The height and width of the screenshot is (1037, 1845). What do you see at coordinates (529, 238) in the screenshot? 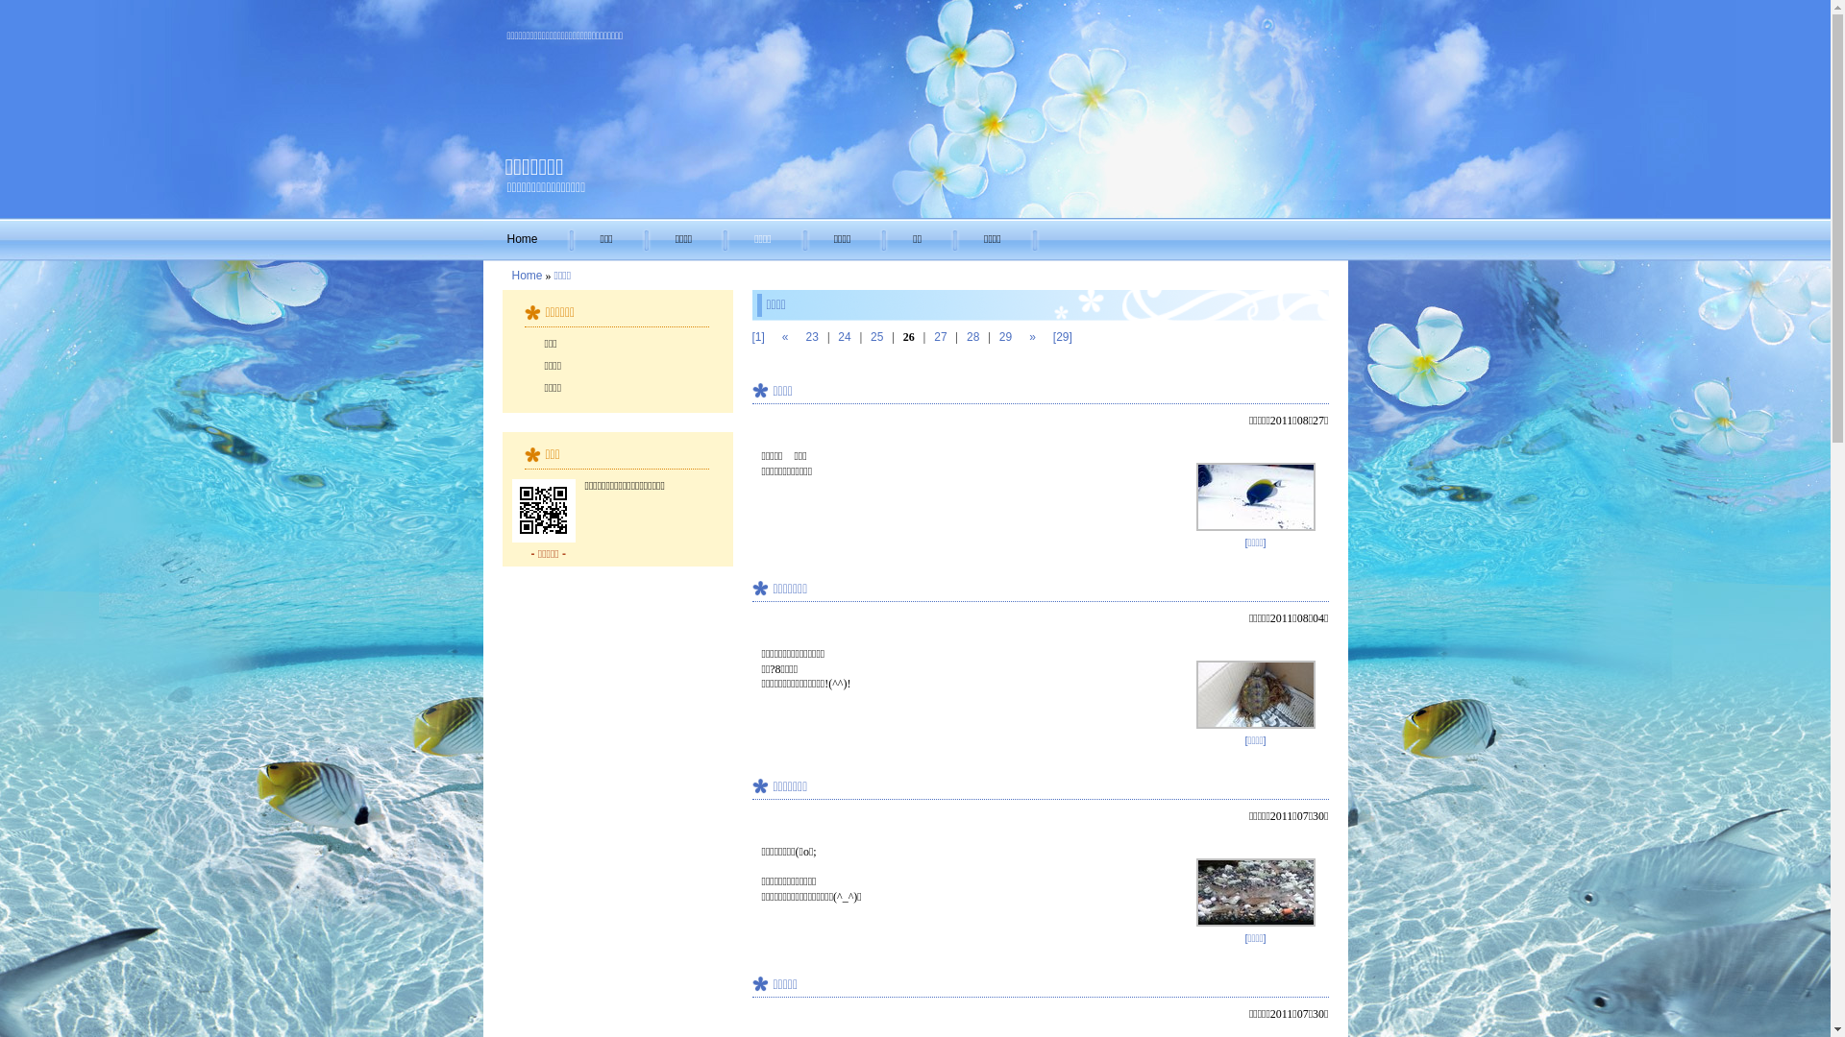
I see `'Home'` at bounding box center [529, 238].